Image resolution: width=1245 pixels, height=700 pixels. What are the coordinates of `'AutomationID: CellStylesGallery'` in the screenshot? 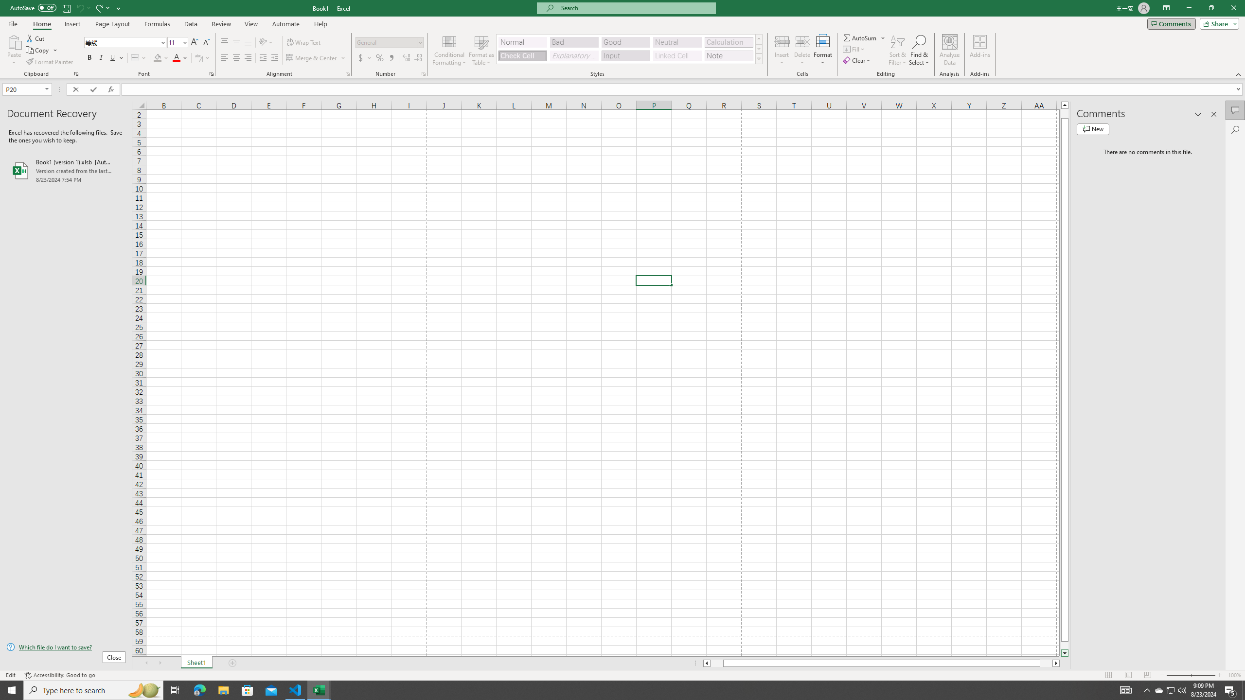 It's located at (630, 49).